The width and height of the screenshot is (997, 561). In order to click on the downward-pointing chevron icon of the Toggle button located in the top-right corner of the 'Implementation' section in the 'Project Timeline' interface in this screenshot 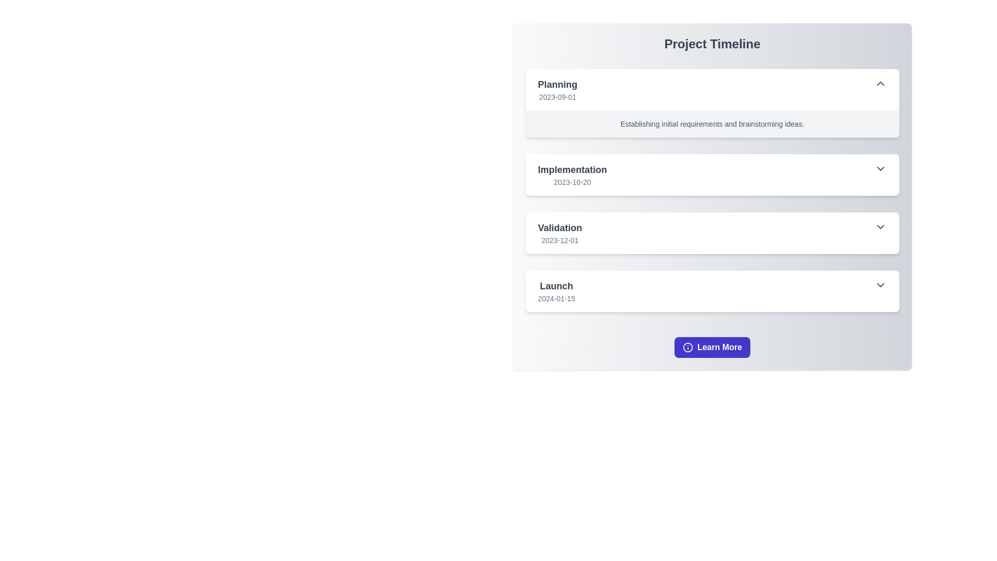, I will do `click(880, 168)`.